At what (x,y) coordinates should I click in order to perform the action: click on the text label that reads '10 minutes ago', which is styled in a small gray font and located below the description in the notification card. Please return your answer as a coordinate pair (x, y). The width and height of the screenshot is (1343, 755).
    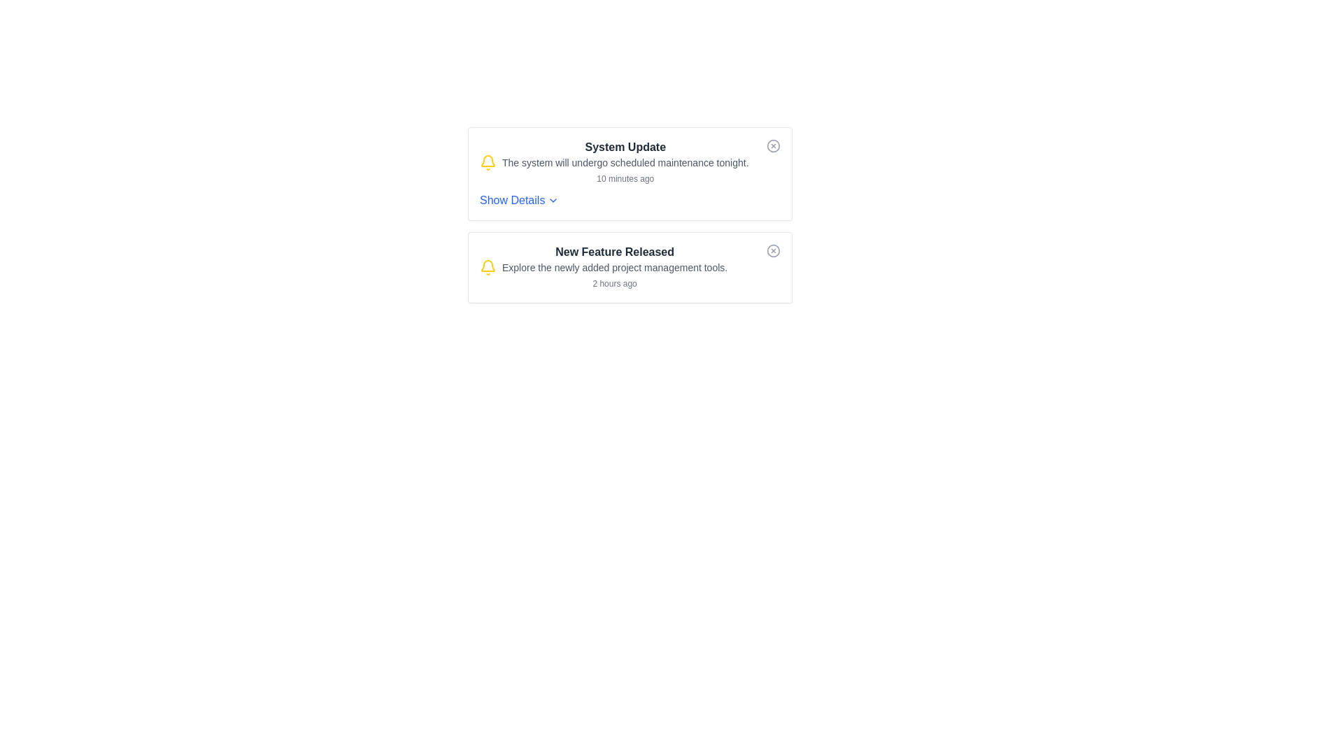
    Looking at the image, I should click on (625, 178).